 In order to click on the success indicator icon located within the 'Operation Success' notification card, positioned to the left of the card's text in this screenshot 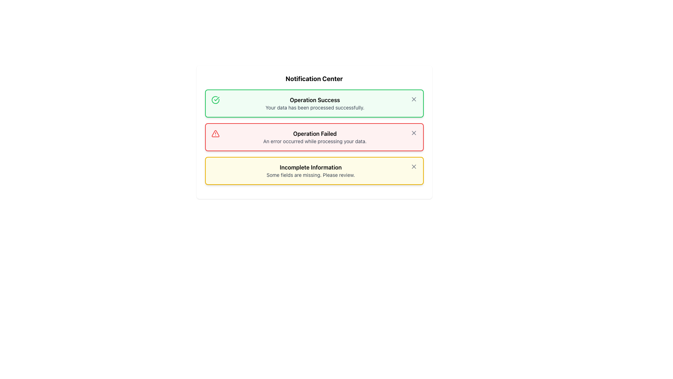, I will do `click(215, 100)`.